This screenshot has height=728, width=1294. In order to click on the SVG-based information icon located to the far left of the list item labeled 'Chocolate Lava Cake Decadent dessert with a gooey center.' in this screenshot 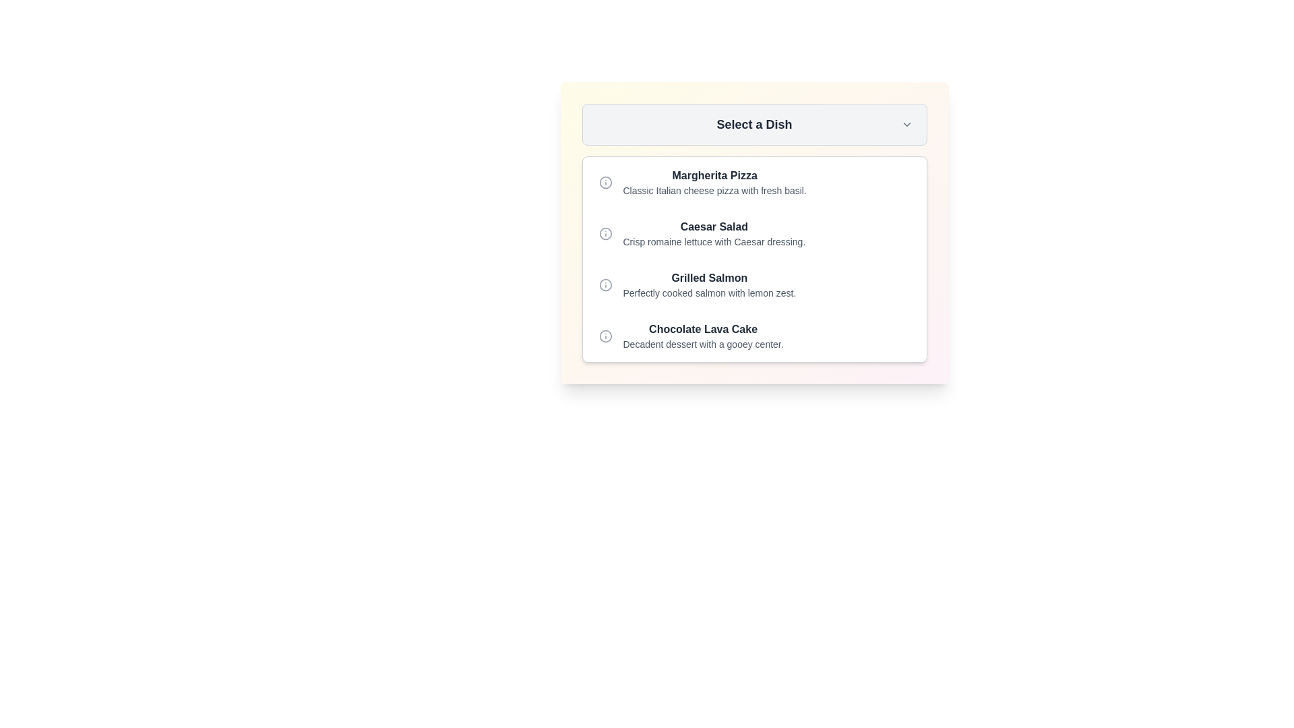, I will do `click(605, 335)`.